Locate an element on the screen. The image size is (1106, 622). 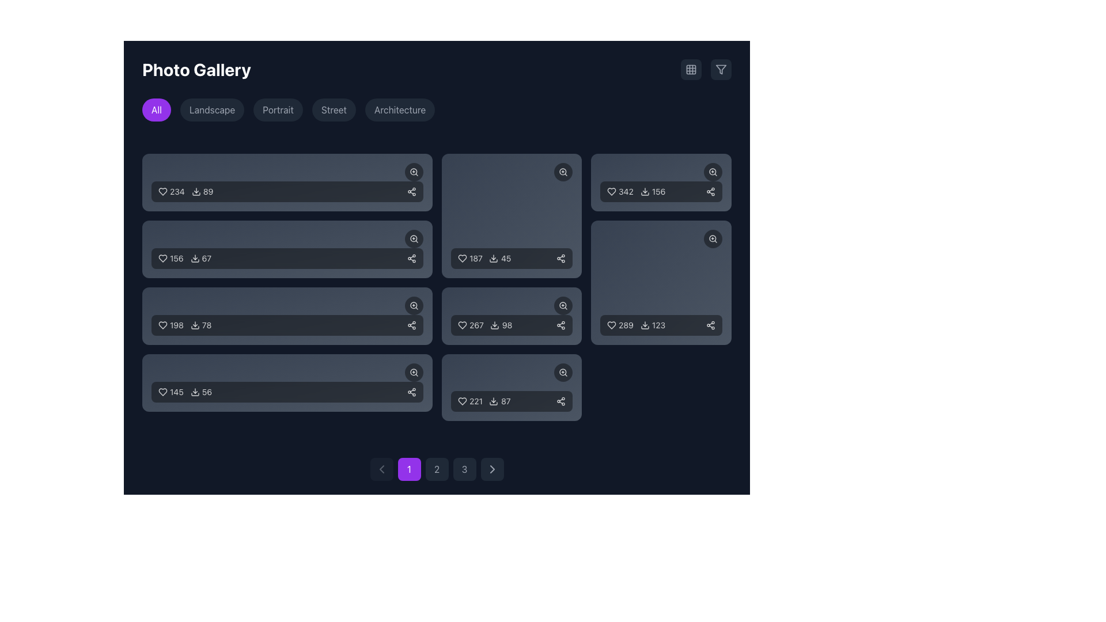
the Card component displaying counts and actions, located in the leftmost position of the third row in the grid layout is located at coordinates (287, 316).